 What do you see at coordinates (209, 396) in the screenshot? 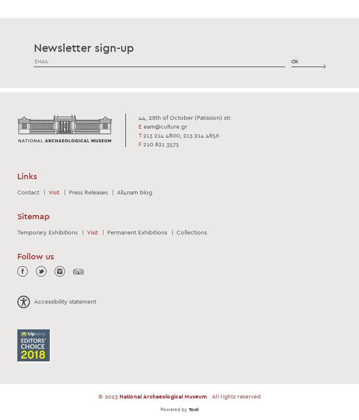
I see `'. All rights reserved'` at bounding box center [209, 396].